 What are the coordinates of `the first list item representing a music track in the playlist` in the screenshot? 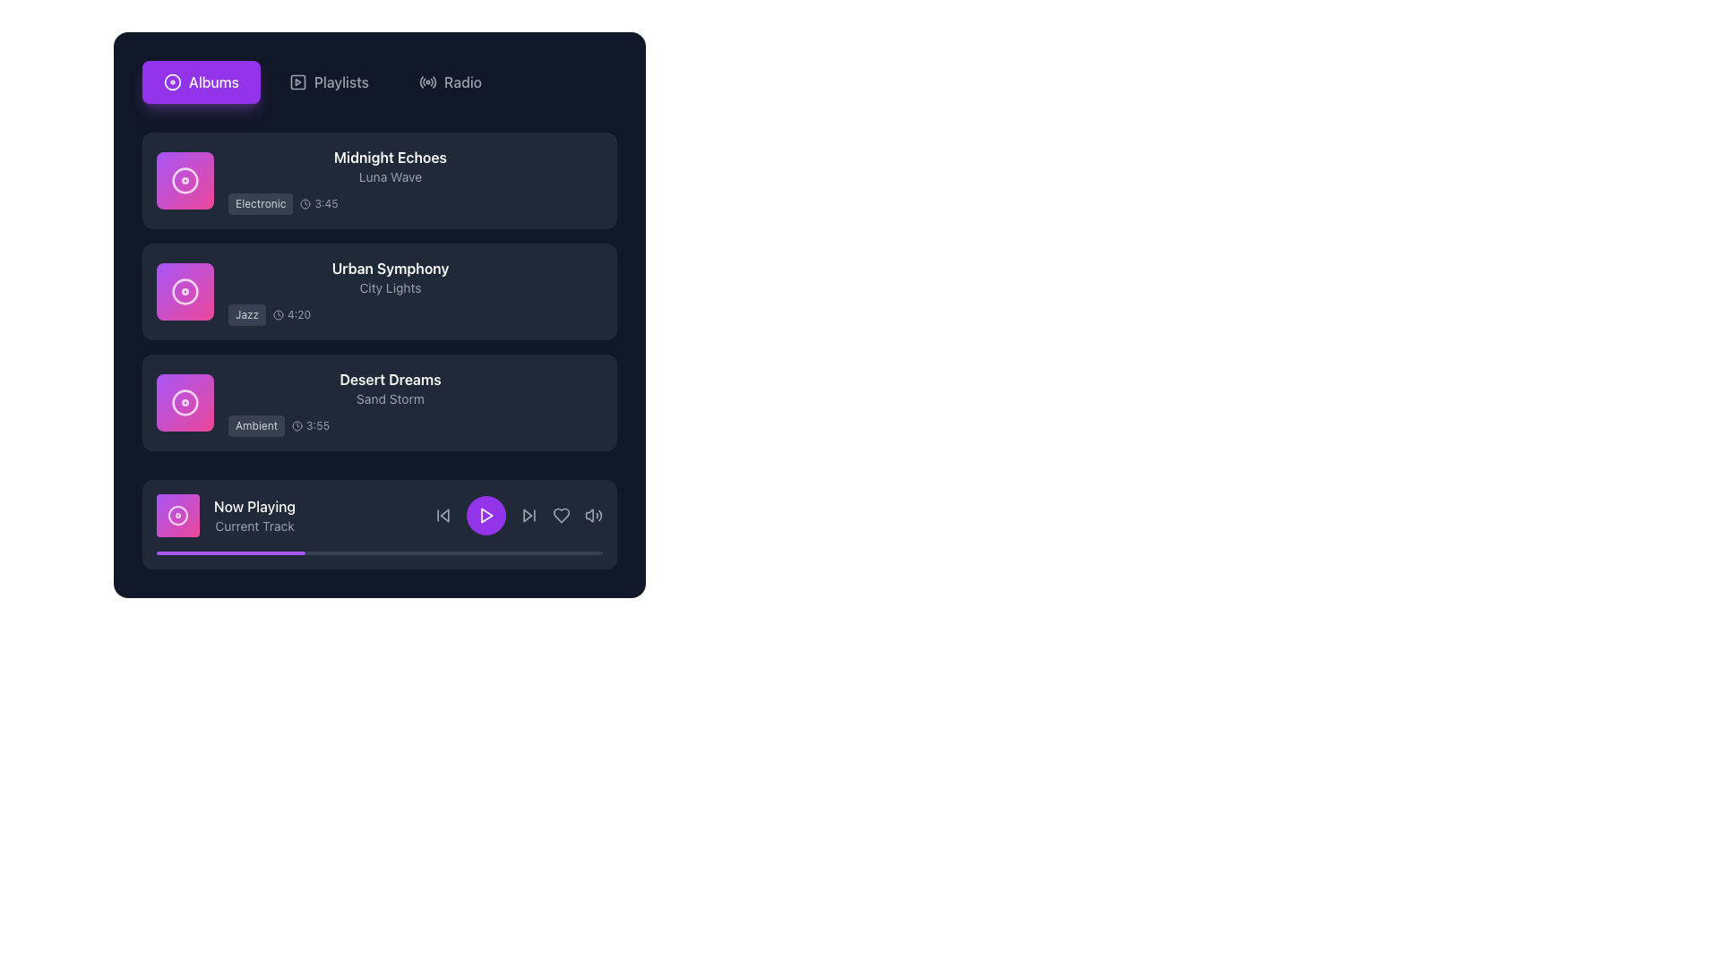 It's located at (390, 180).